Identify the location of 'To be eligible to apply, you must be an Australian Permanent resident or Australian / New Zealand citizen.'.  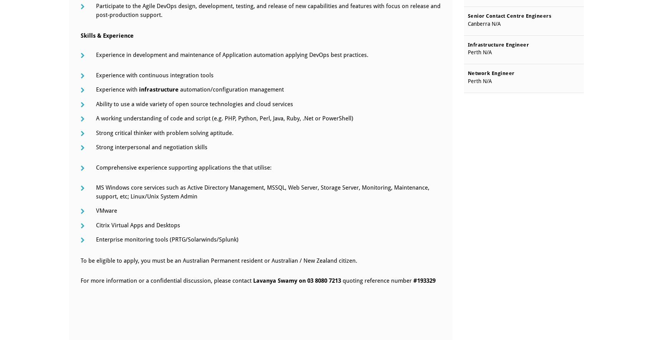
(219, 260).